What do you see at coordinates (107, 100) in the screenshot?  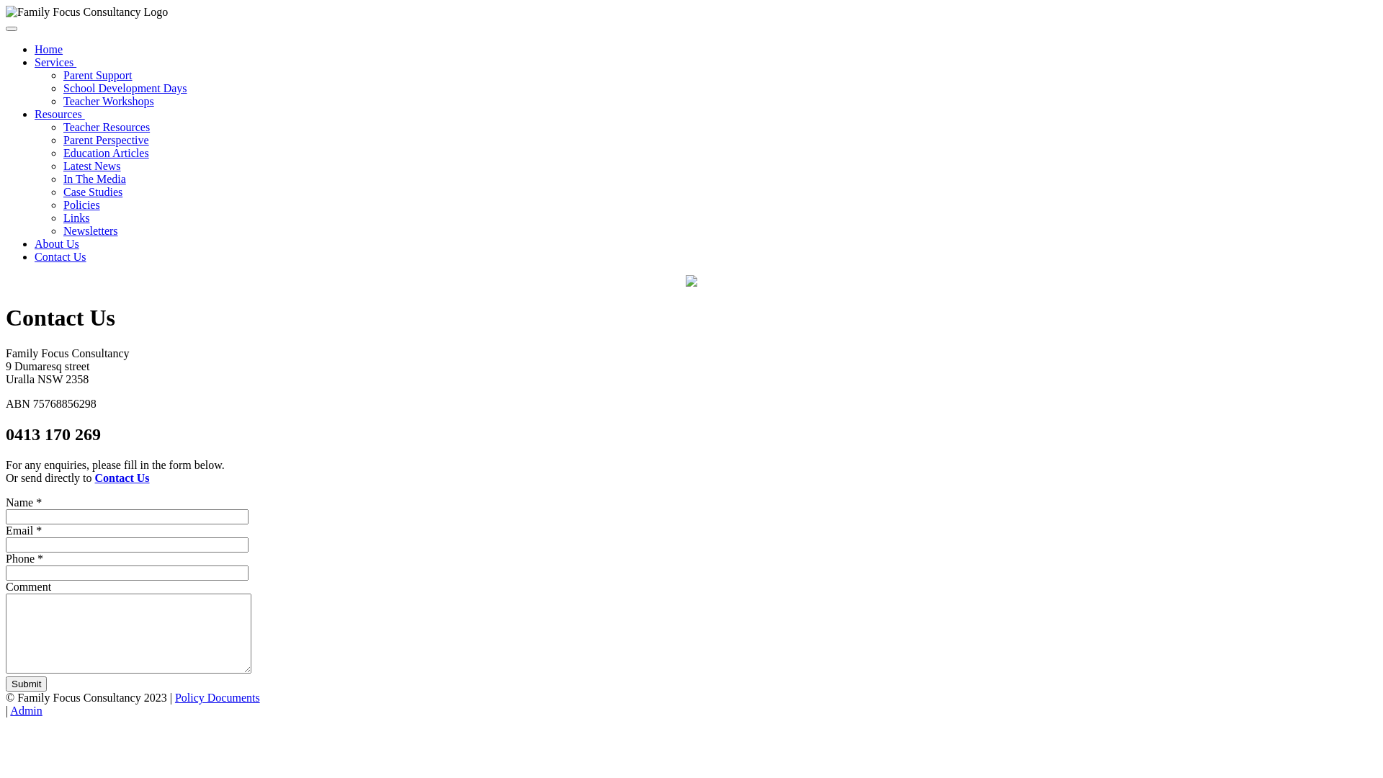 I see `'Teacher Workshops'` at bounding box center [107, 100].